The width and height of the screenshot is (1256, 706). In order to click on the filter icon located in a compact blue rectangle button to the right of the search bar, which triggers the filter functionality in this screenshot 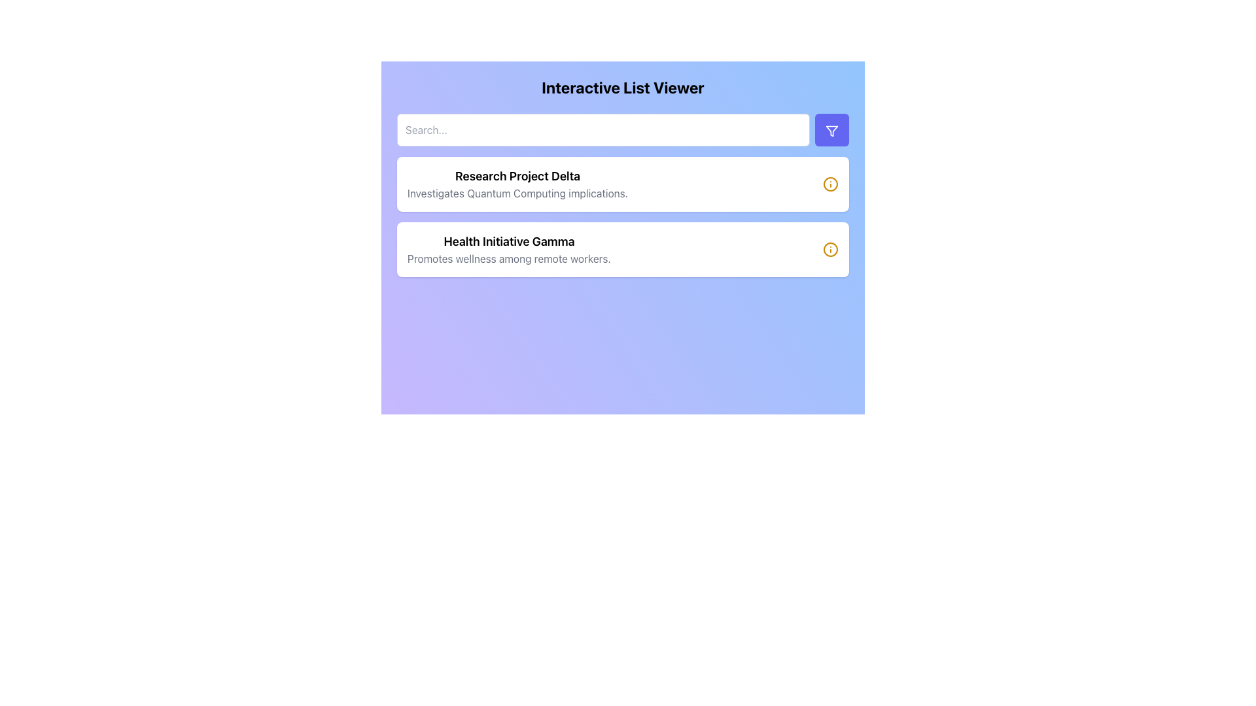, I will do `click(831, 131)`.